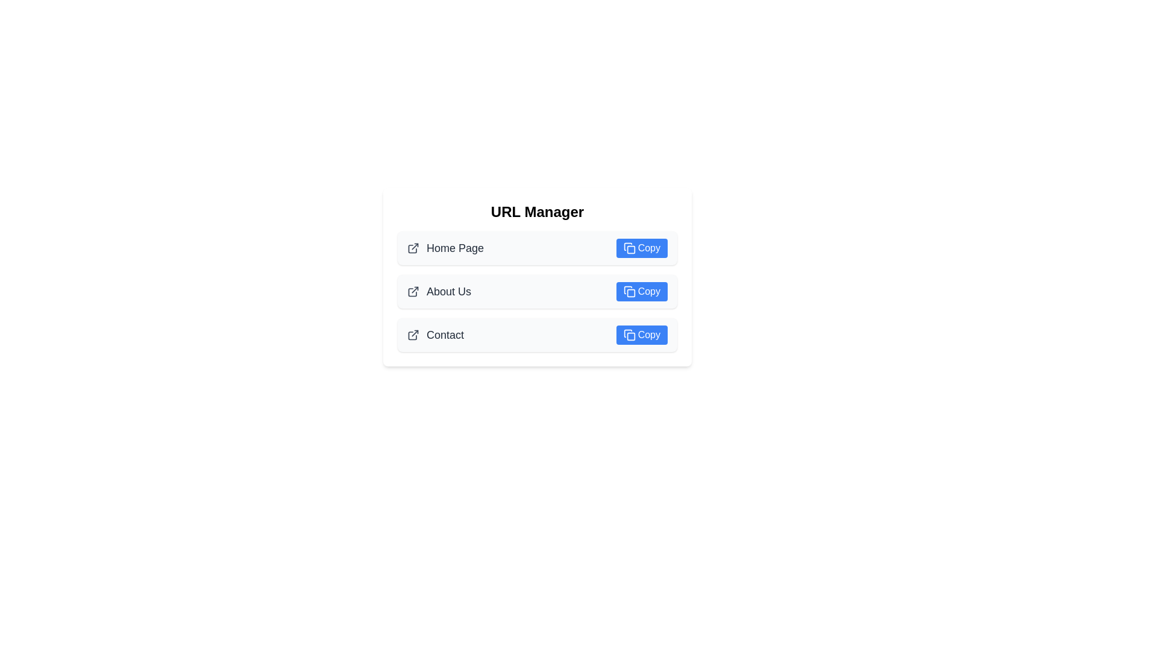  What do you see at coordinates (413, 248) in the screenshot?
I see `the external link icon located to the left of the 'Home Page' text in the first row of the list` at bounding box center [413, 248].